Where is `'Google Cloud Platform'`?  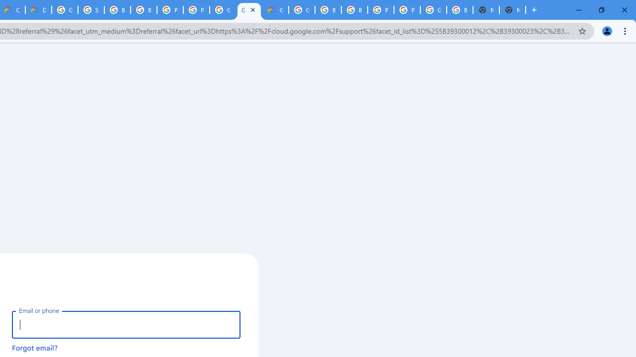 'Google Cloud Platform' is located at coordinates (301, 10).